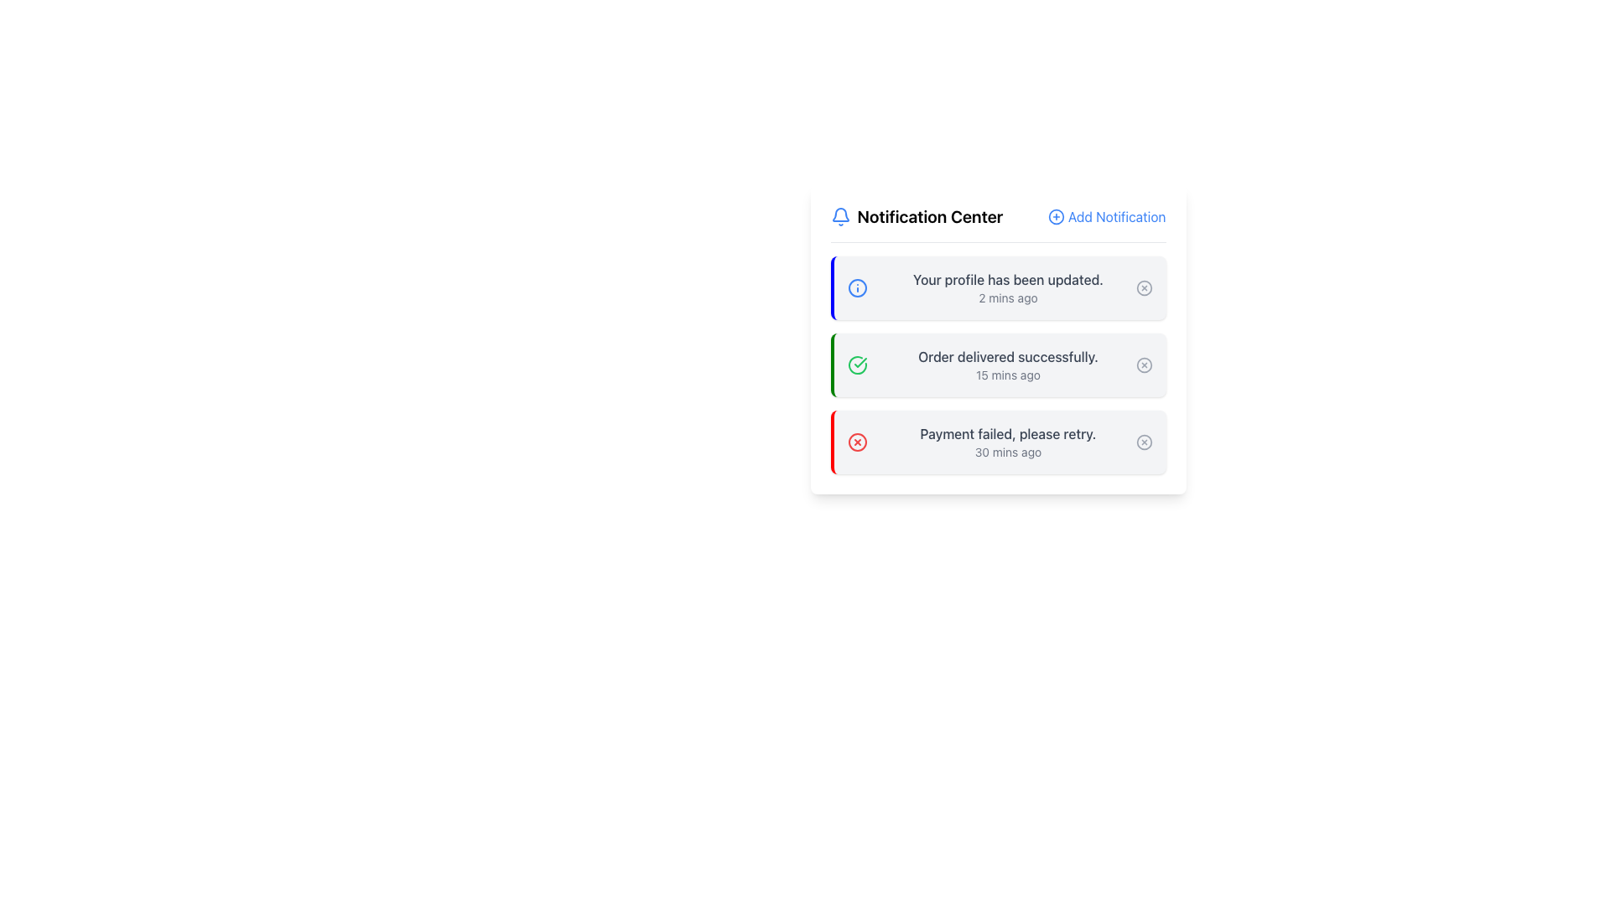 Image resolution: width=1610 pixels, height=905 pixels. Describe the element at coordinates (840, 215) in the screenshot. I see `the blue bell icon representing notifications` at that location.